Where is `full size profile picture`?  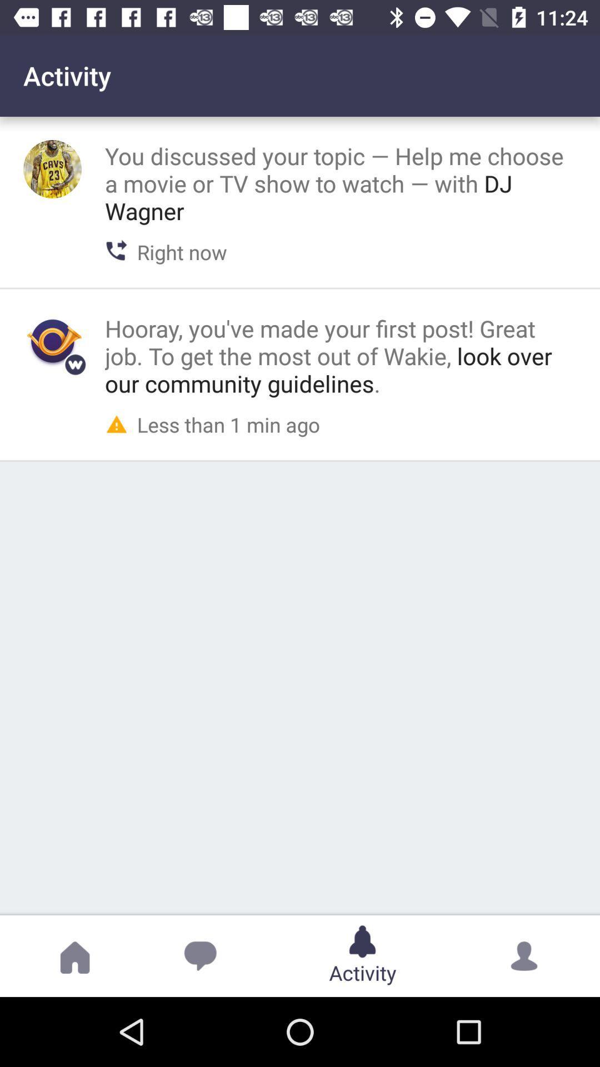
full size profile picture is located at coordinates (52, 168).